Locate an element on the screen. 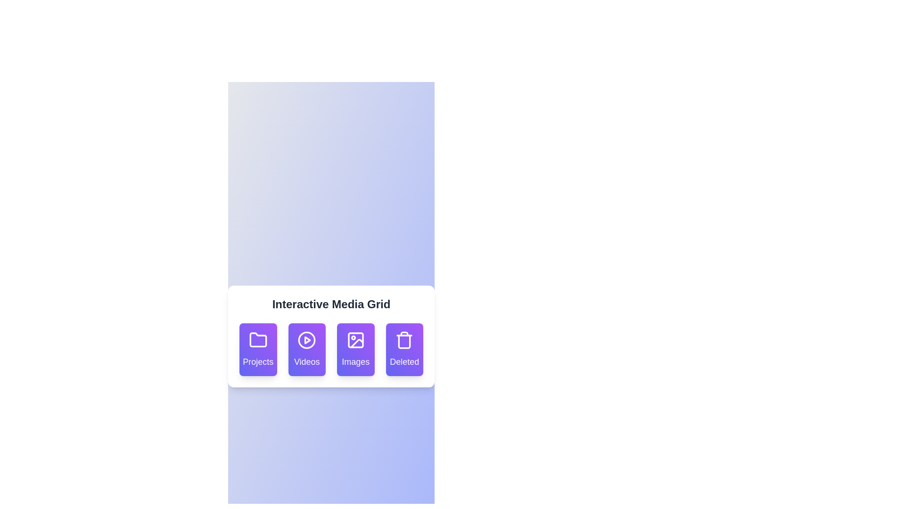  the 'Images' icon, which is the third icon from the left in the Interactive Media Grid, to trigger the hover effect for additional information is located at coordinates (356, 343).